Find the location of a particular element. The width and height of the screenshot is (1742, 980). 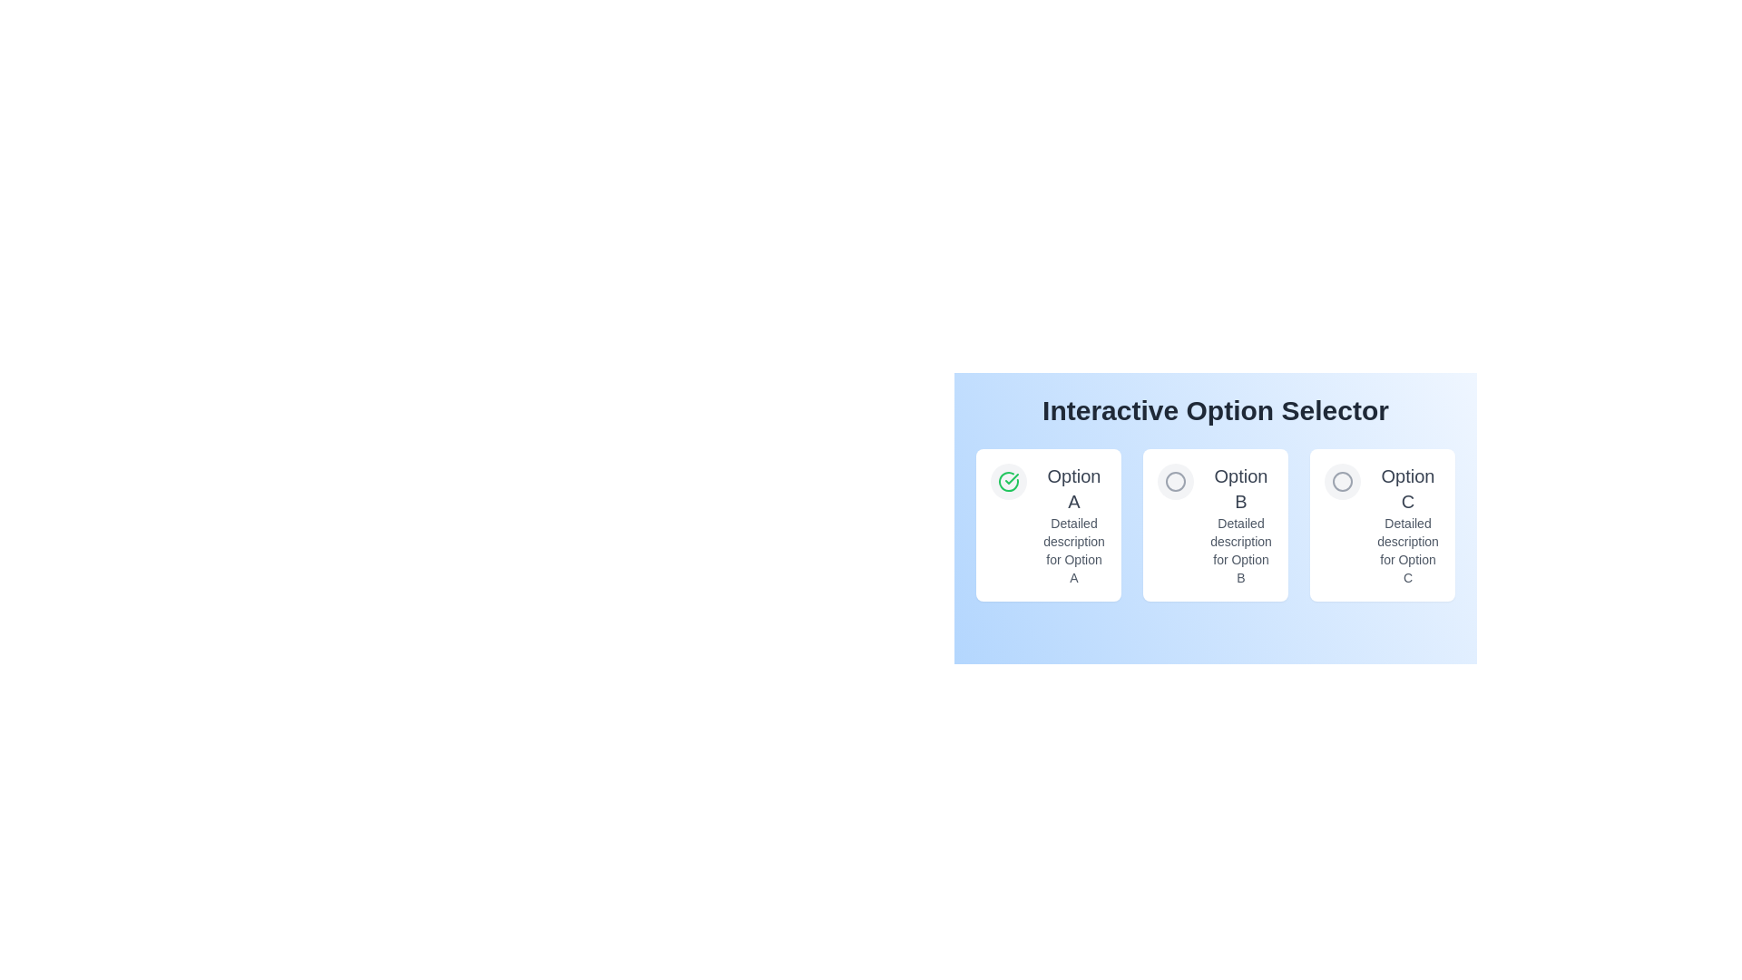

the radio button for 'Option B' is located at coordinates (1176, 481).